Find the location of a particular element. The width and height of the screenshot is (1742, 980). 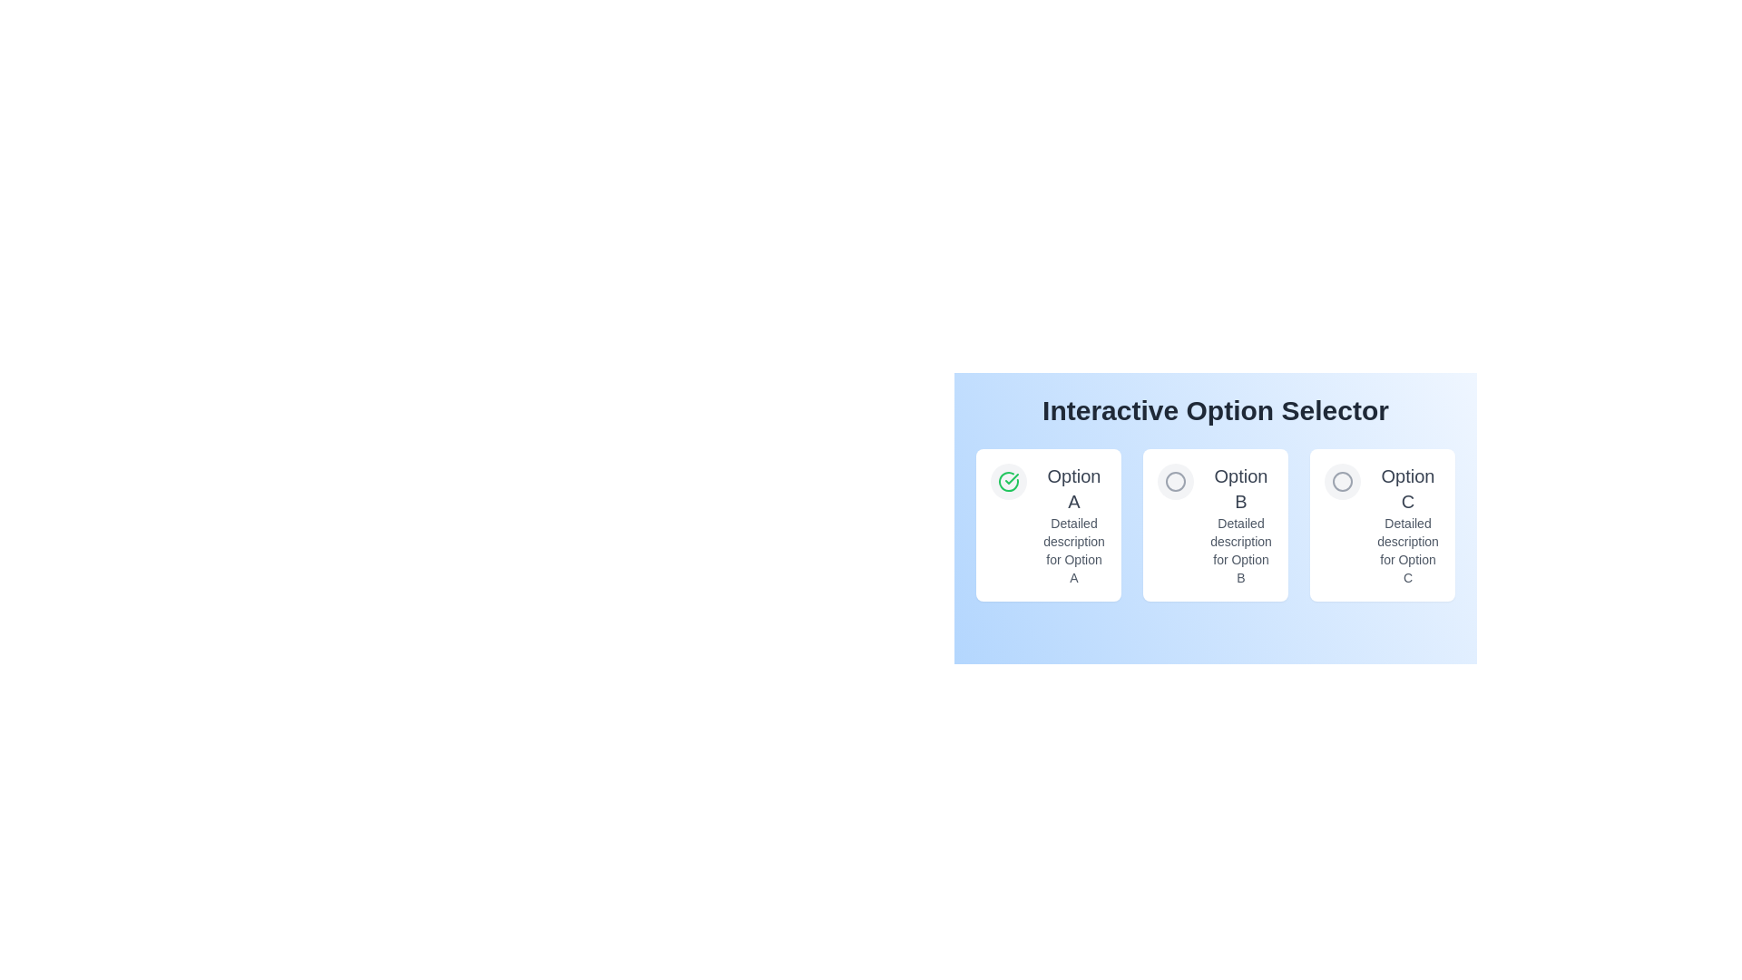

the radio button for 'Option B' is located at coordinates (1176, 481).